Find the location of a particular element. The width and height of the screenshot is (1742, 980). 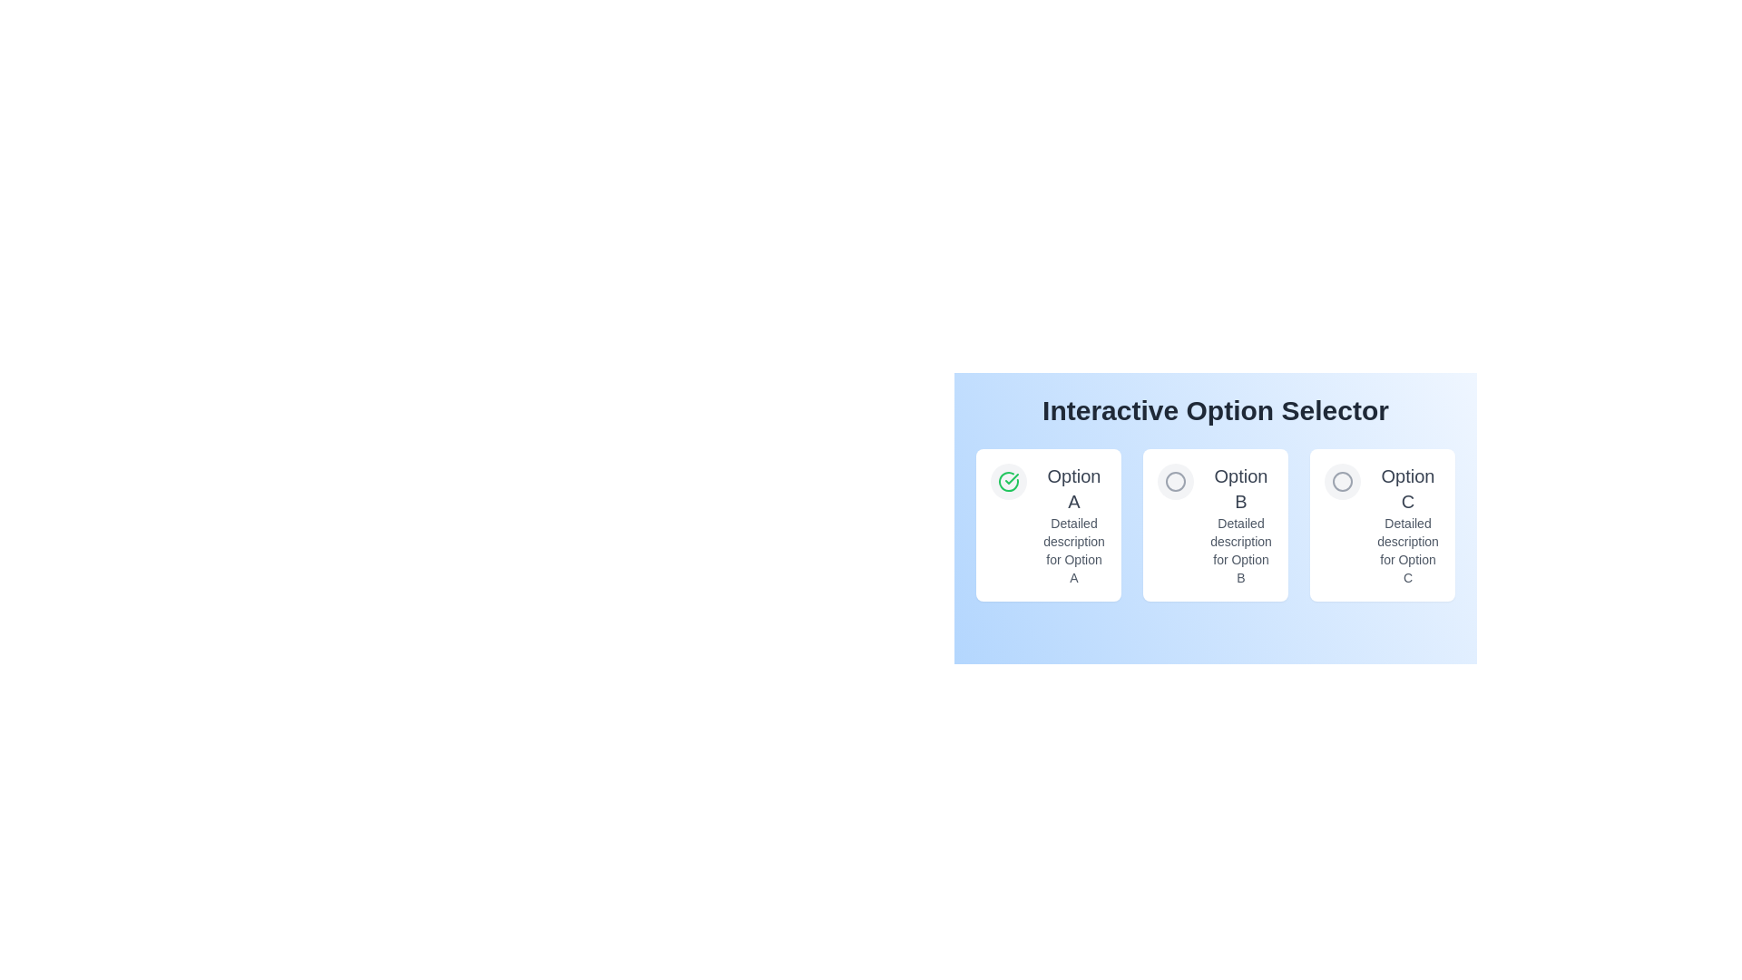

the radio button for 'Option B' is located at coordinates (1176, 481).